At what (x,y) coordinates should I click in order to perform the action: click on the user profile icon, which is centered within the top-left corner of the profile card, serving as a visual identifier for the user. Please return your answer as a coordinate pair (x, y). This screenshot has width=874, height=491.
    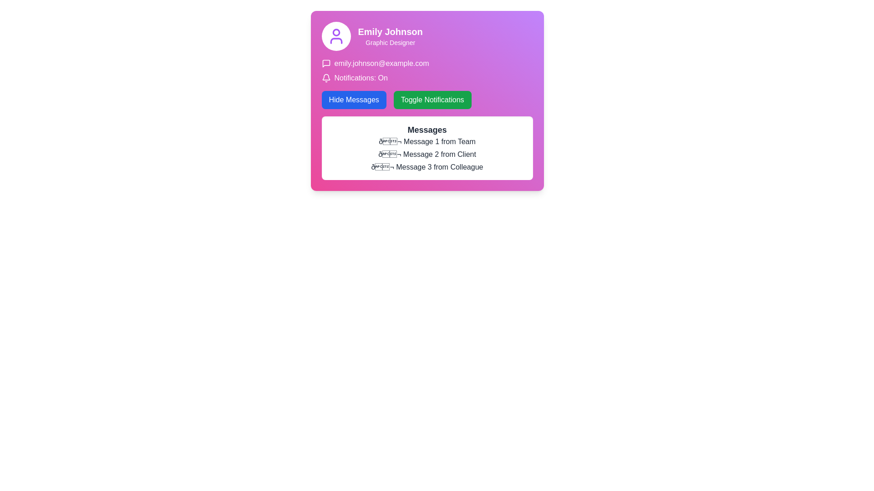
    Looking at the image, I should click on (335, 36).